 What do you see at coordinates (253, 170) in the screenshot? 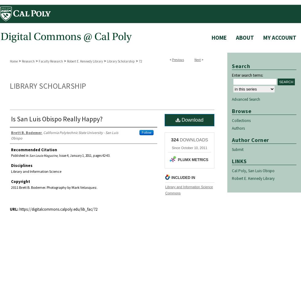
I see `'Cal Poly, San Luis Obispo'` at bounding box center [253, 170].